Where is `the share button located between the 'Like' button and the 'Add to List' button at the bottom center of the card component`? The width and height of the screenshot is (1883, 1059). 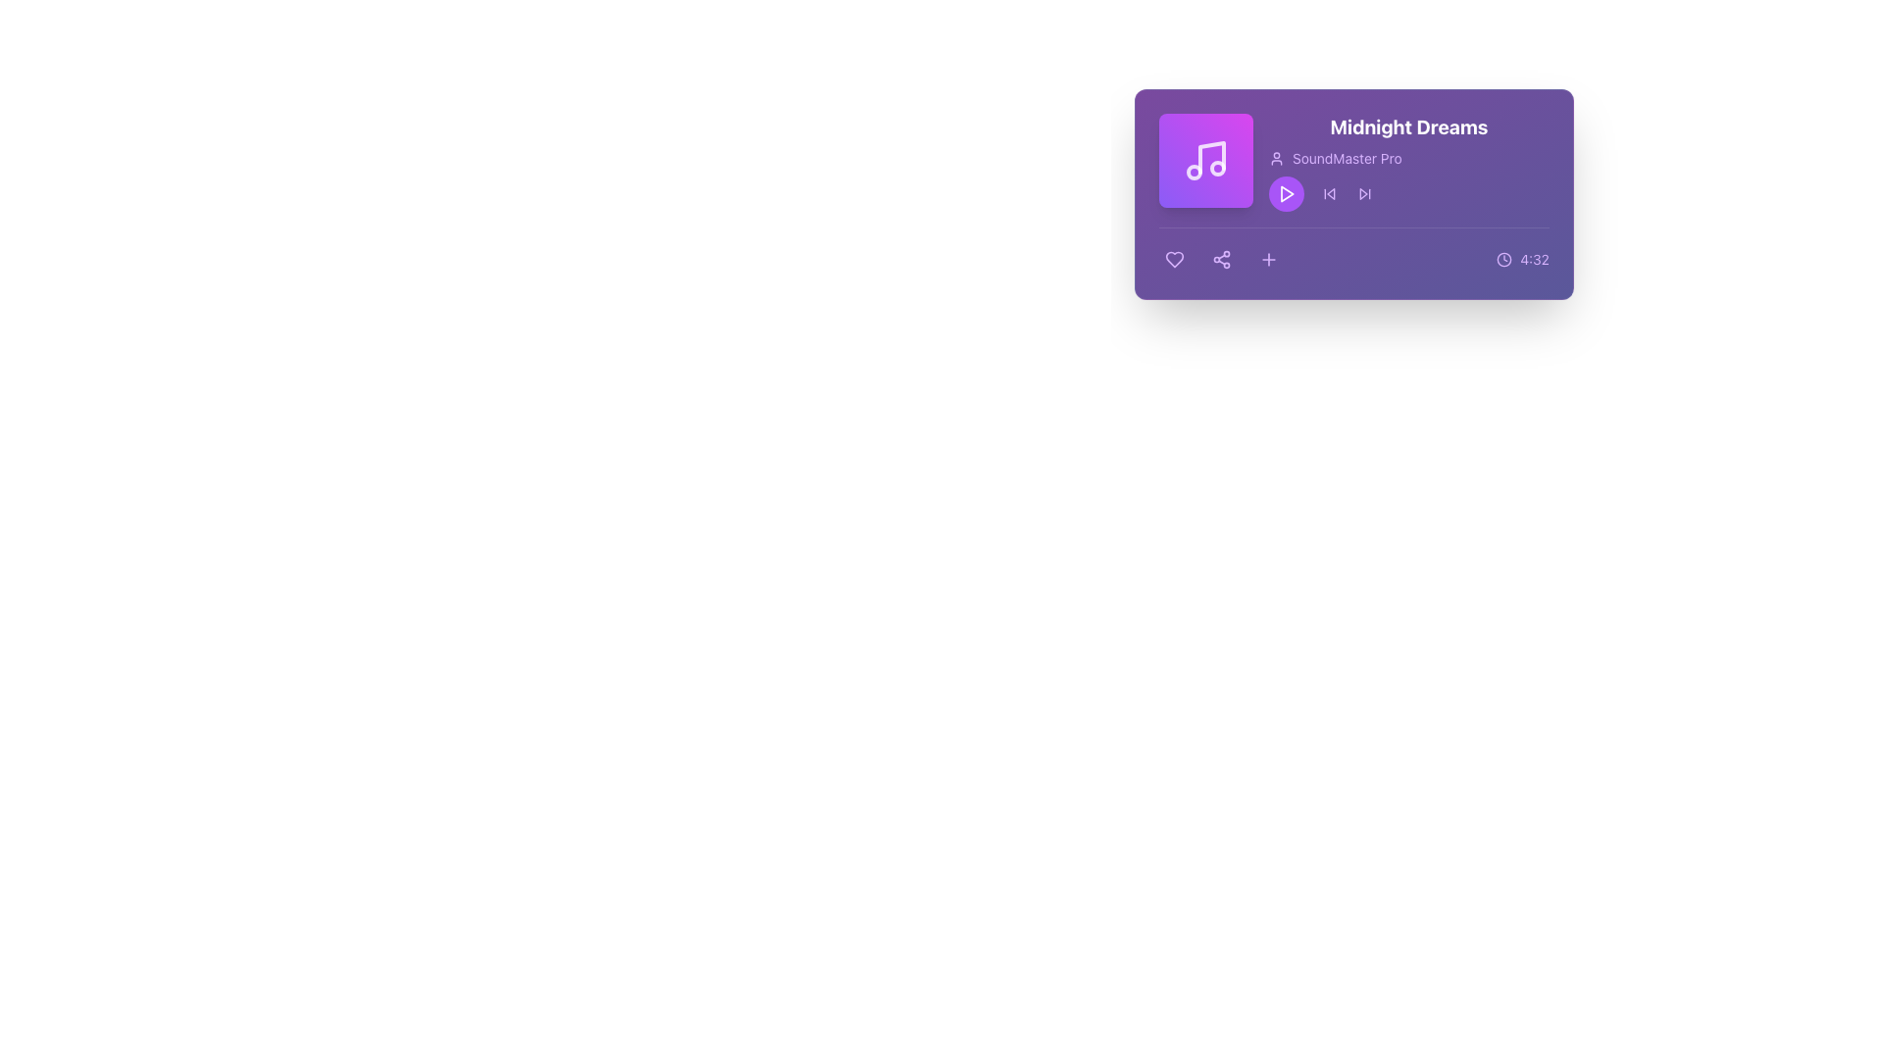 the share button located between the 'Like' button and the 'Add to List' button at the bottom center of the card component is located at coordinates (1221, 259).